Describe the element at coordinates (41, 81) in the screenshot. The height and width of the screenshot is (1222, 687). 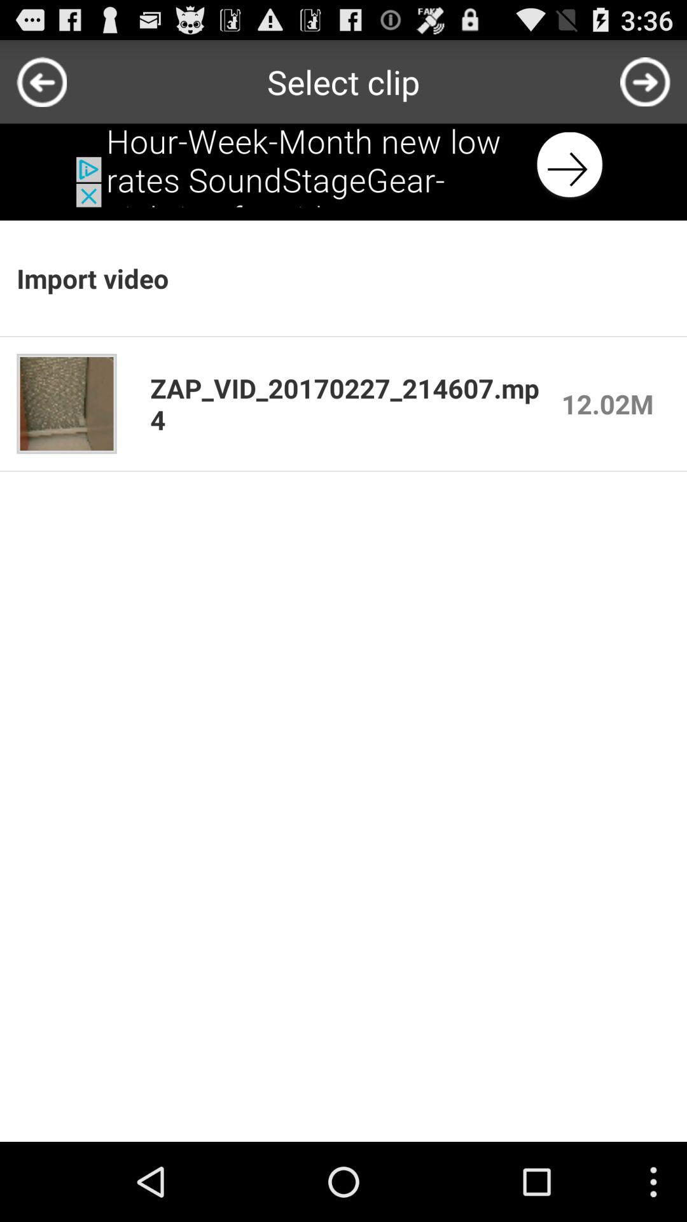
I see `go back` at that location.